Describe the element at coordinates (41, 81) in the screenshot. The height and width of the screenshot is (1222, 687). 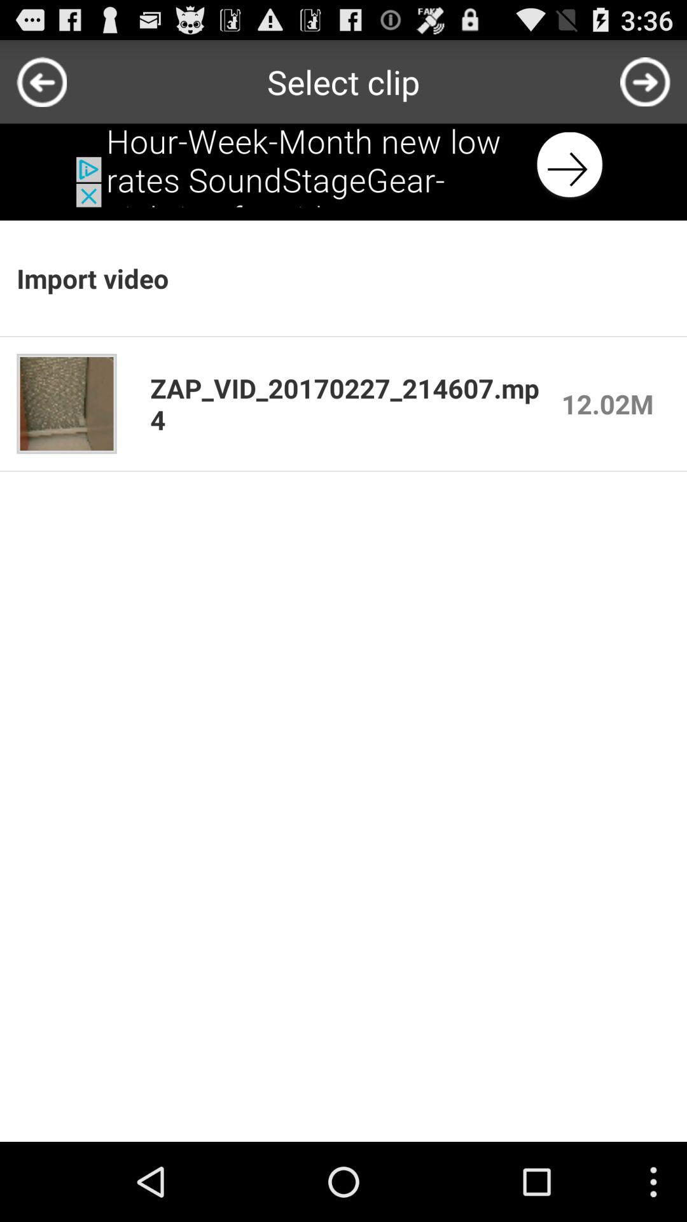
I see `go back` at that location.